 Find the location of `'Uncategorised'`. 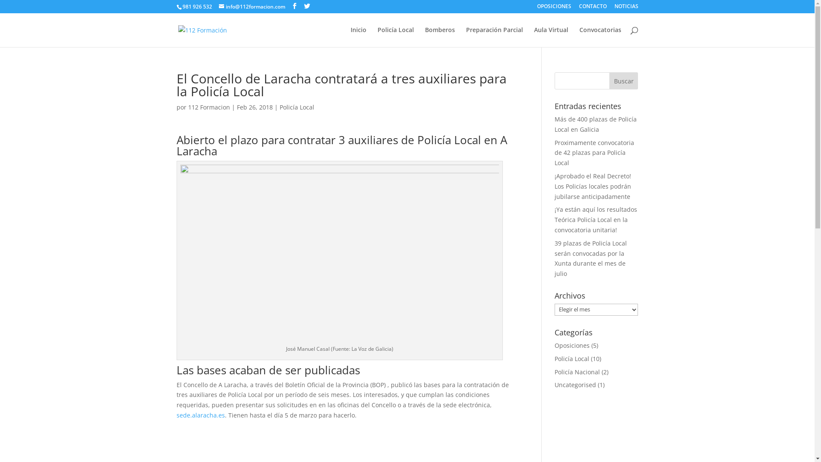

'Uncategorised' is located at coordinates (554, 384).